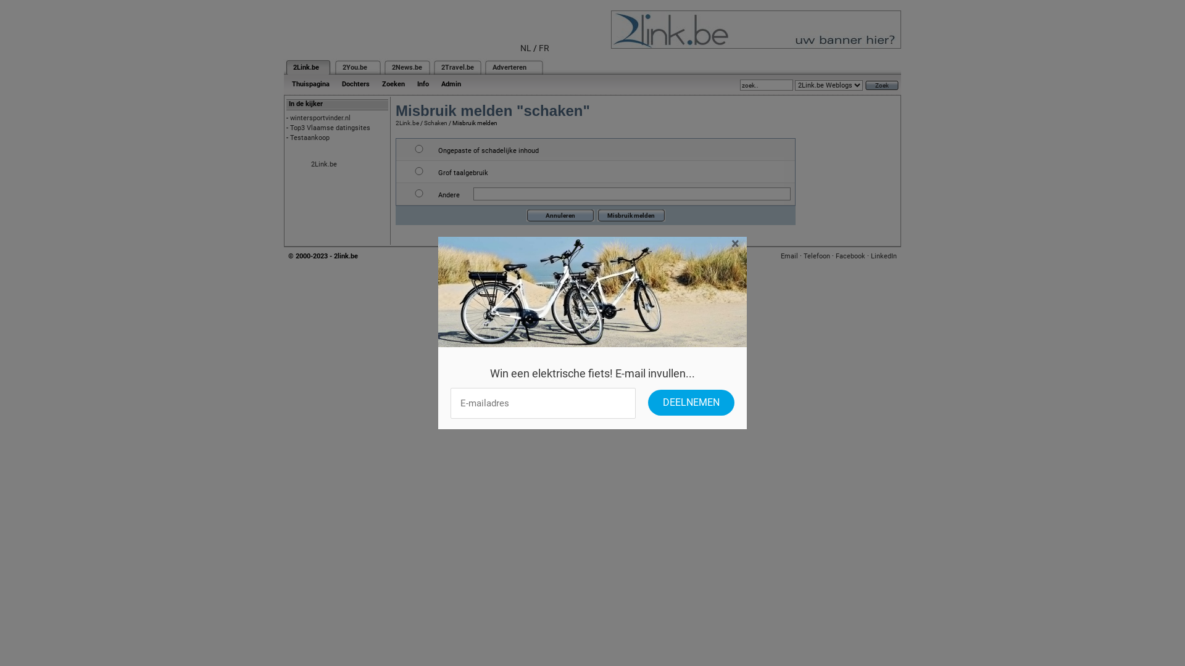 The width and height of the screenshot is (1185, 666). What do you see at coordinates (310, 83) in the screenshot?
I see `'Thuispagina'` at bounding box center [310, 83].